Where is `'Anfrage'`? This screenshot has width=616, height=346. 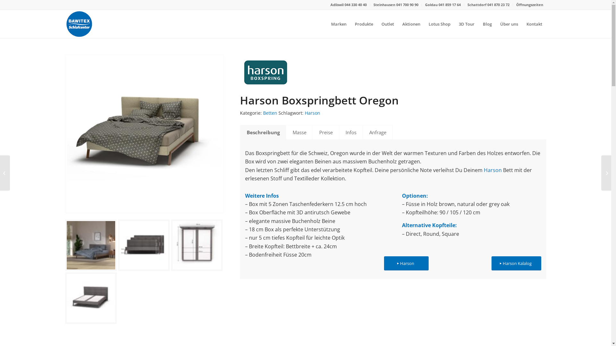 'Anfrage' is located at coordinates (377, 132).